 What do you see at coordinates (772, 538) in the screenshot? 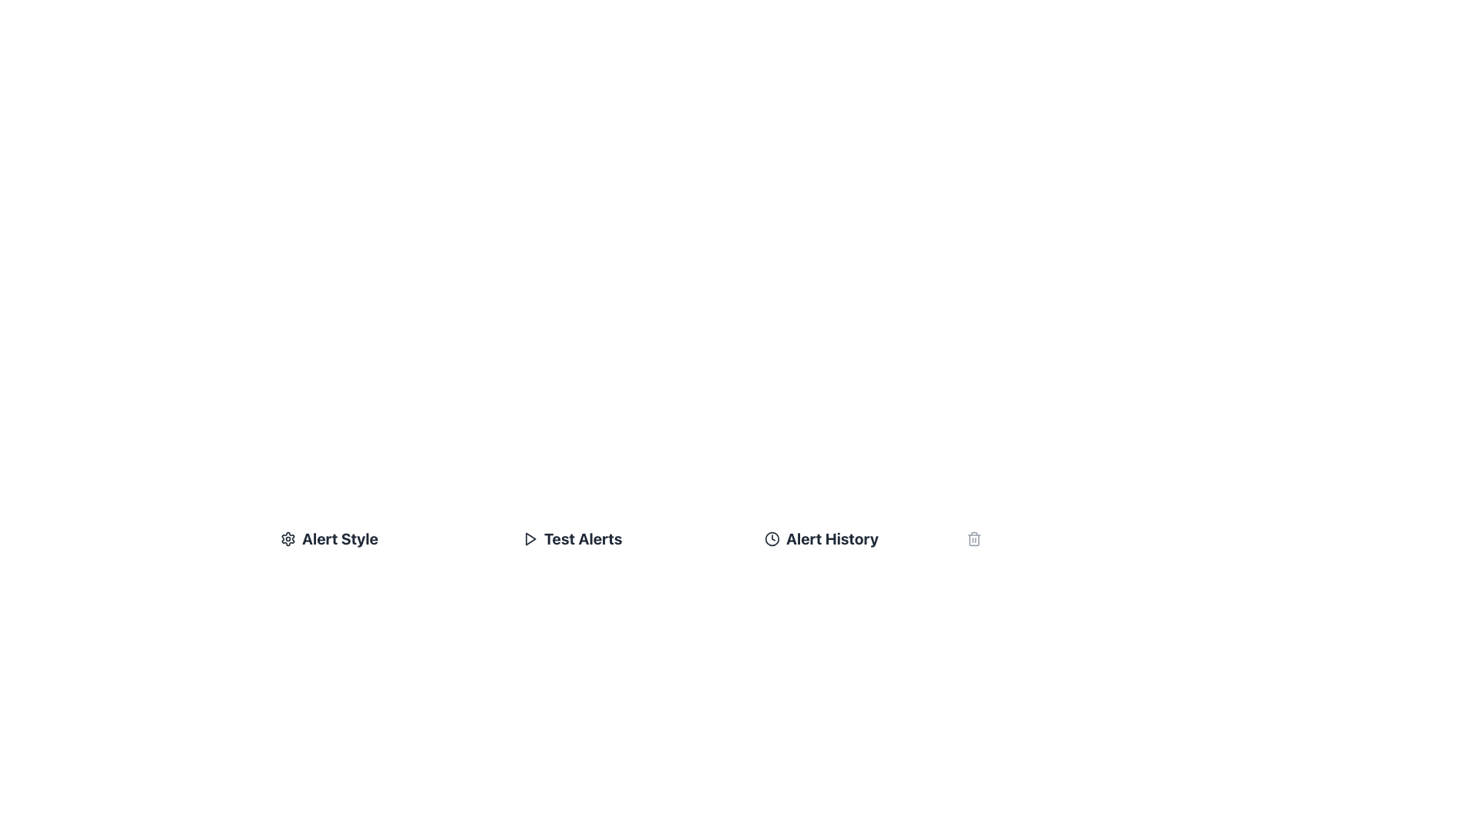
I see `the circular graphical element that is part of the clock-like icon, located at the center of the 'Alert History' text label` at bounding box center [772, 538].